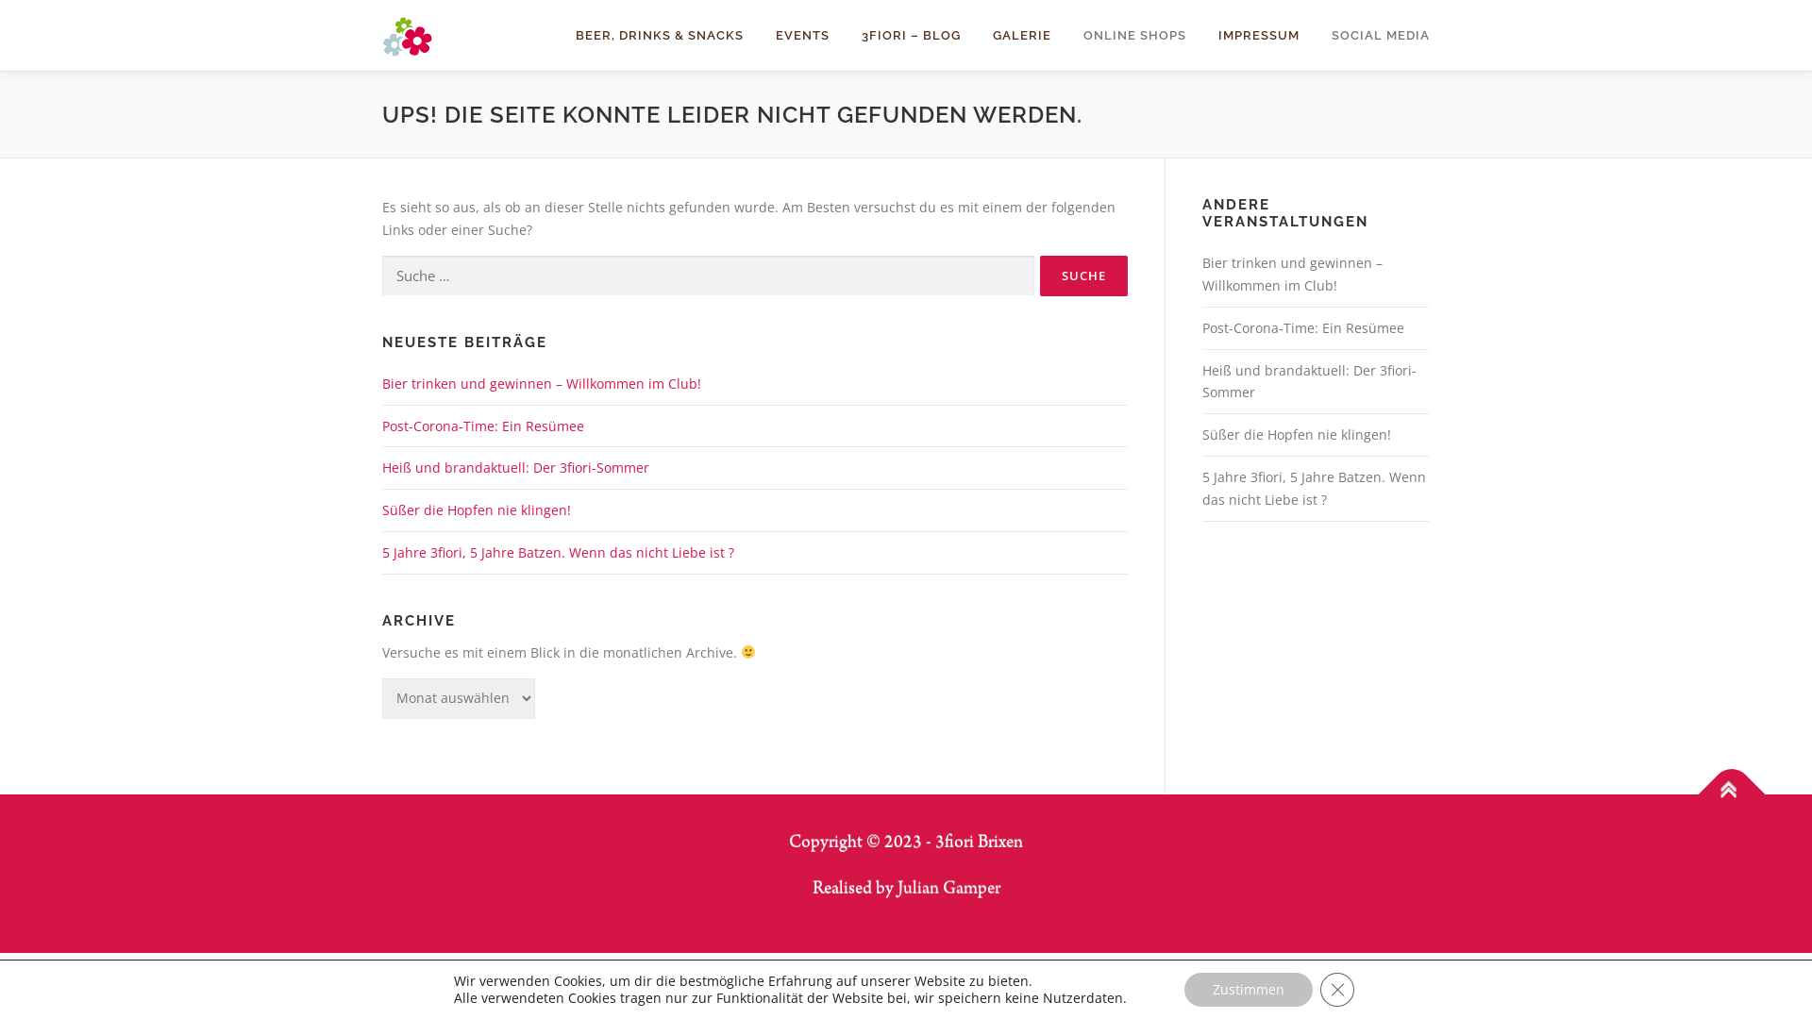 The height and width of the screenshot is (1019, 1812). Describe the element at coordinates (1314, 35) in the screenshot. I see `'SOCIAL MEDIA'` at that location.